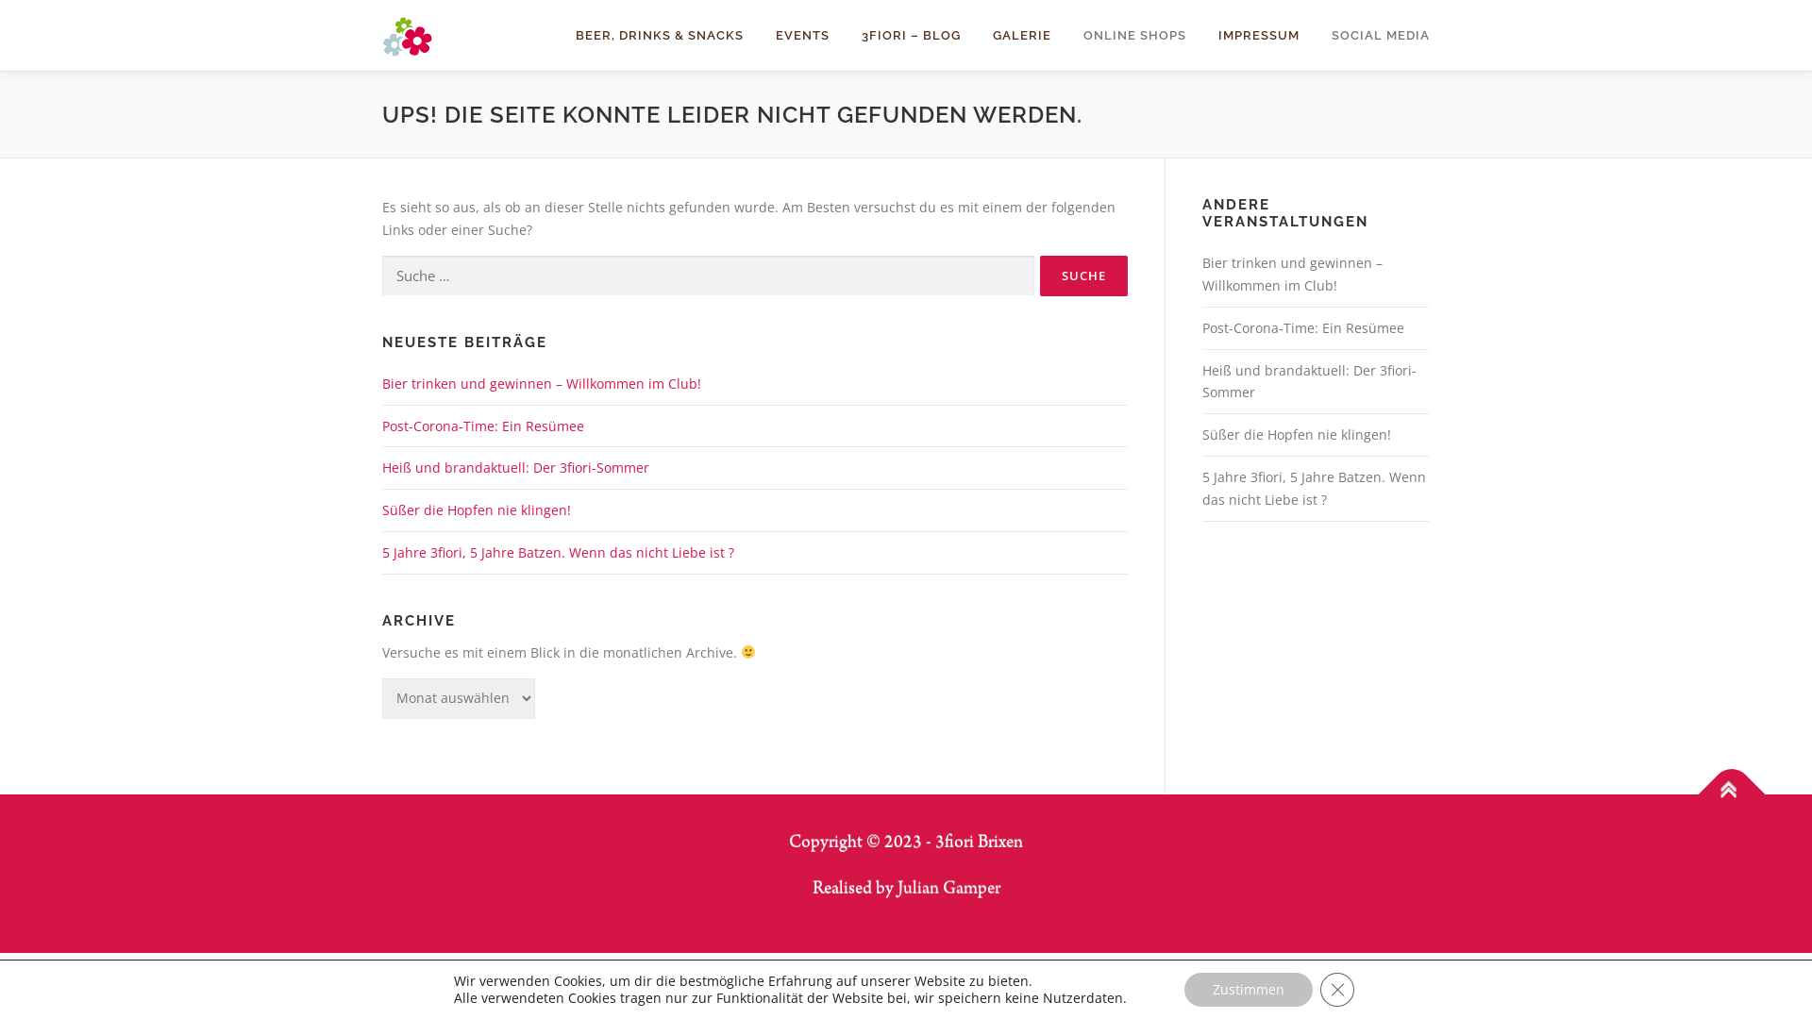 The height and width of the screenshot is (1019, 1812). Describe the element at coordinates (1314, 35) in the screenshot. I see `'SOCIAL MEDIA'` at that location.